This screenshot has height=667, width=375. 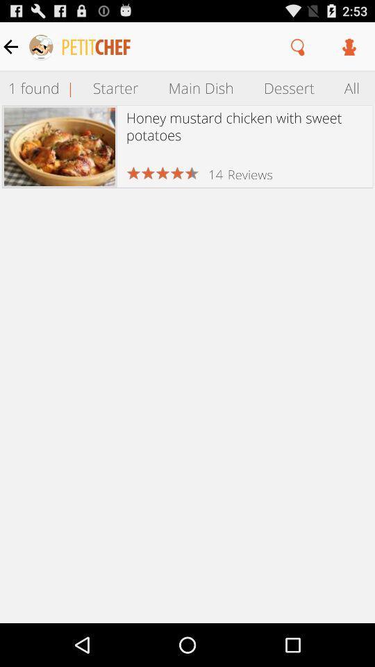 What do you see at coordinates (200, 87) in the screenshot?
I see `the main dish item` at bounding box center [200, 87].